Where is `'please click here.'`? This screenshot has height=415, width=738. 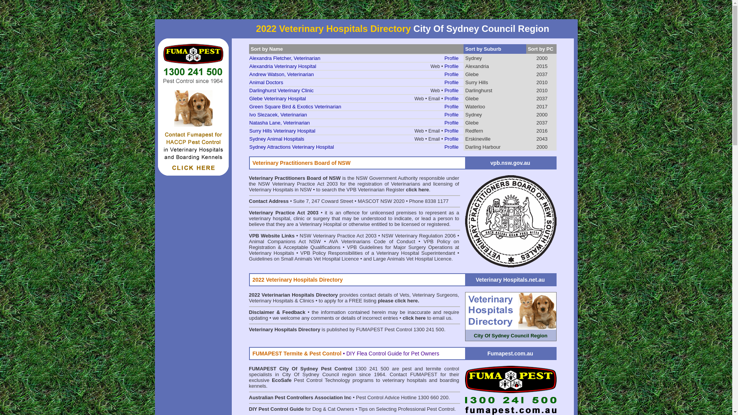 'please click here.' is located at coordinates (398, 300).